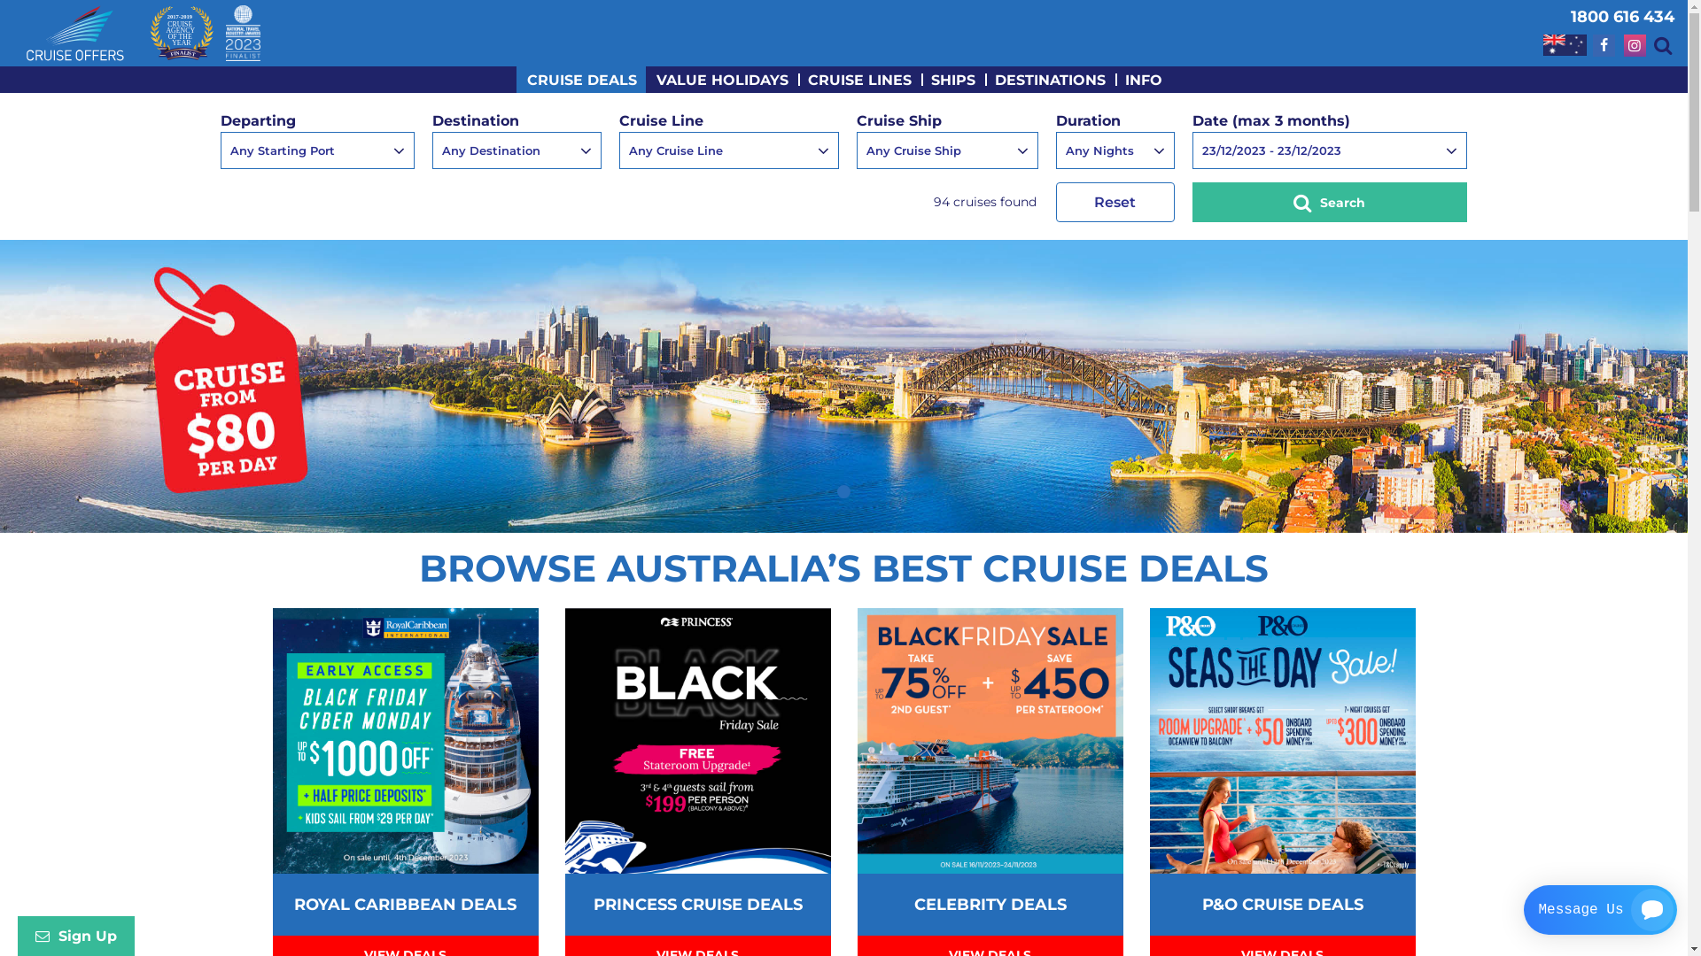  Describe the element at coordinates (951, 78) in the screenshot. I see `'SHIPS'` at that location.